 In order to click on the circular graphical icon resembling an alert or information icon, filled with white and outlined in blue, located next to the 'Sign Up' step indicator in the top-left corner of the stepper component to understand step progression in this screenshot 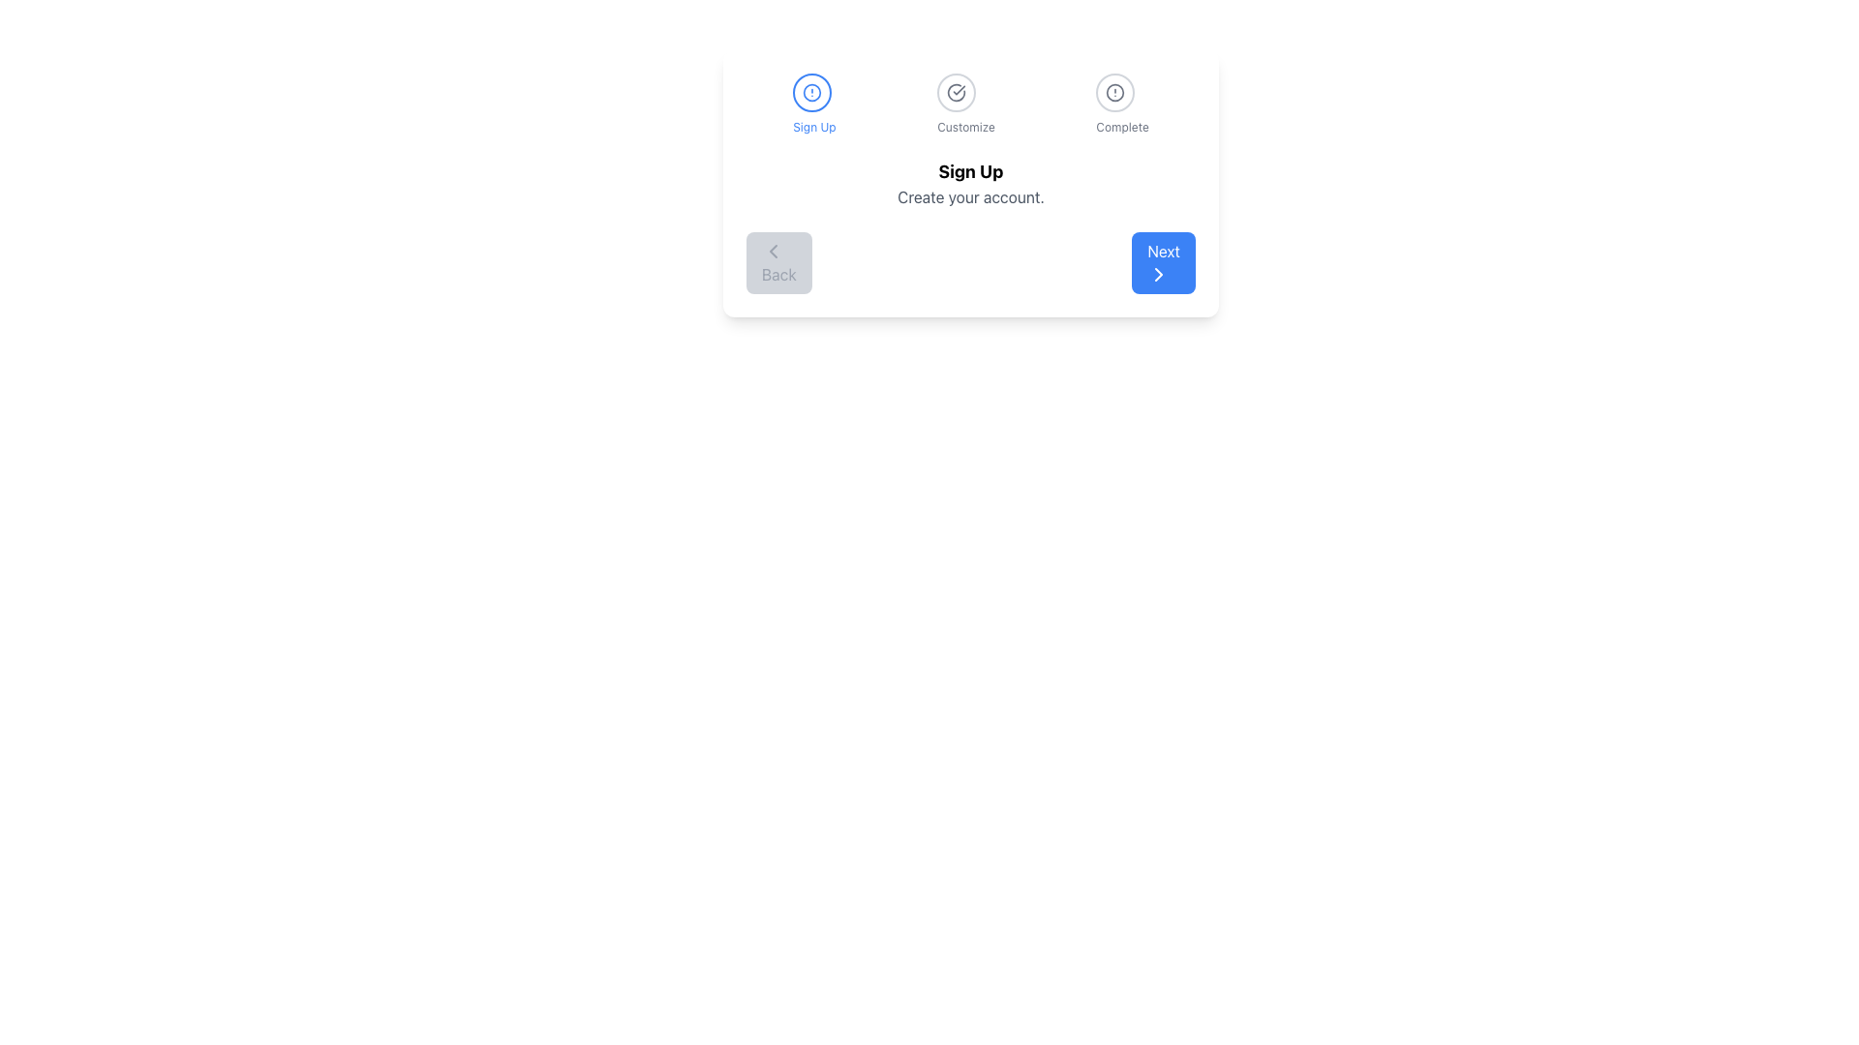, I will do `click(812, 93)`.